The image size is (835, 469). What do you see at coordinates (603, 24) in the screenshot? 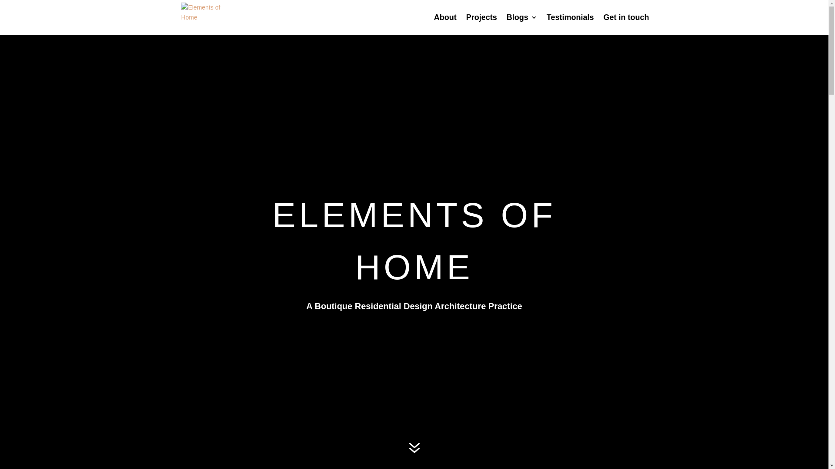
I see `'Get in touch'` at bounding box center [603, 24].